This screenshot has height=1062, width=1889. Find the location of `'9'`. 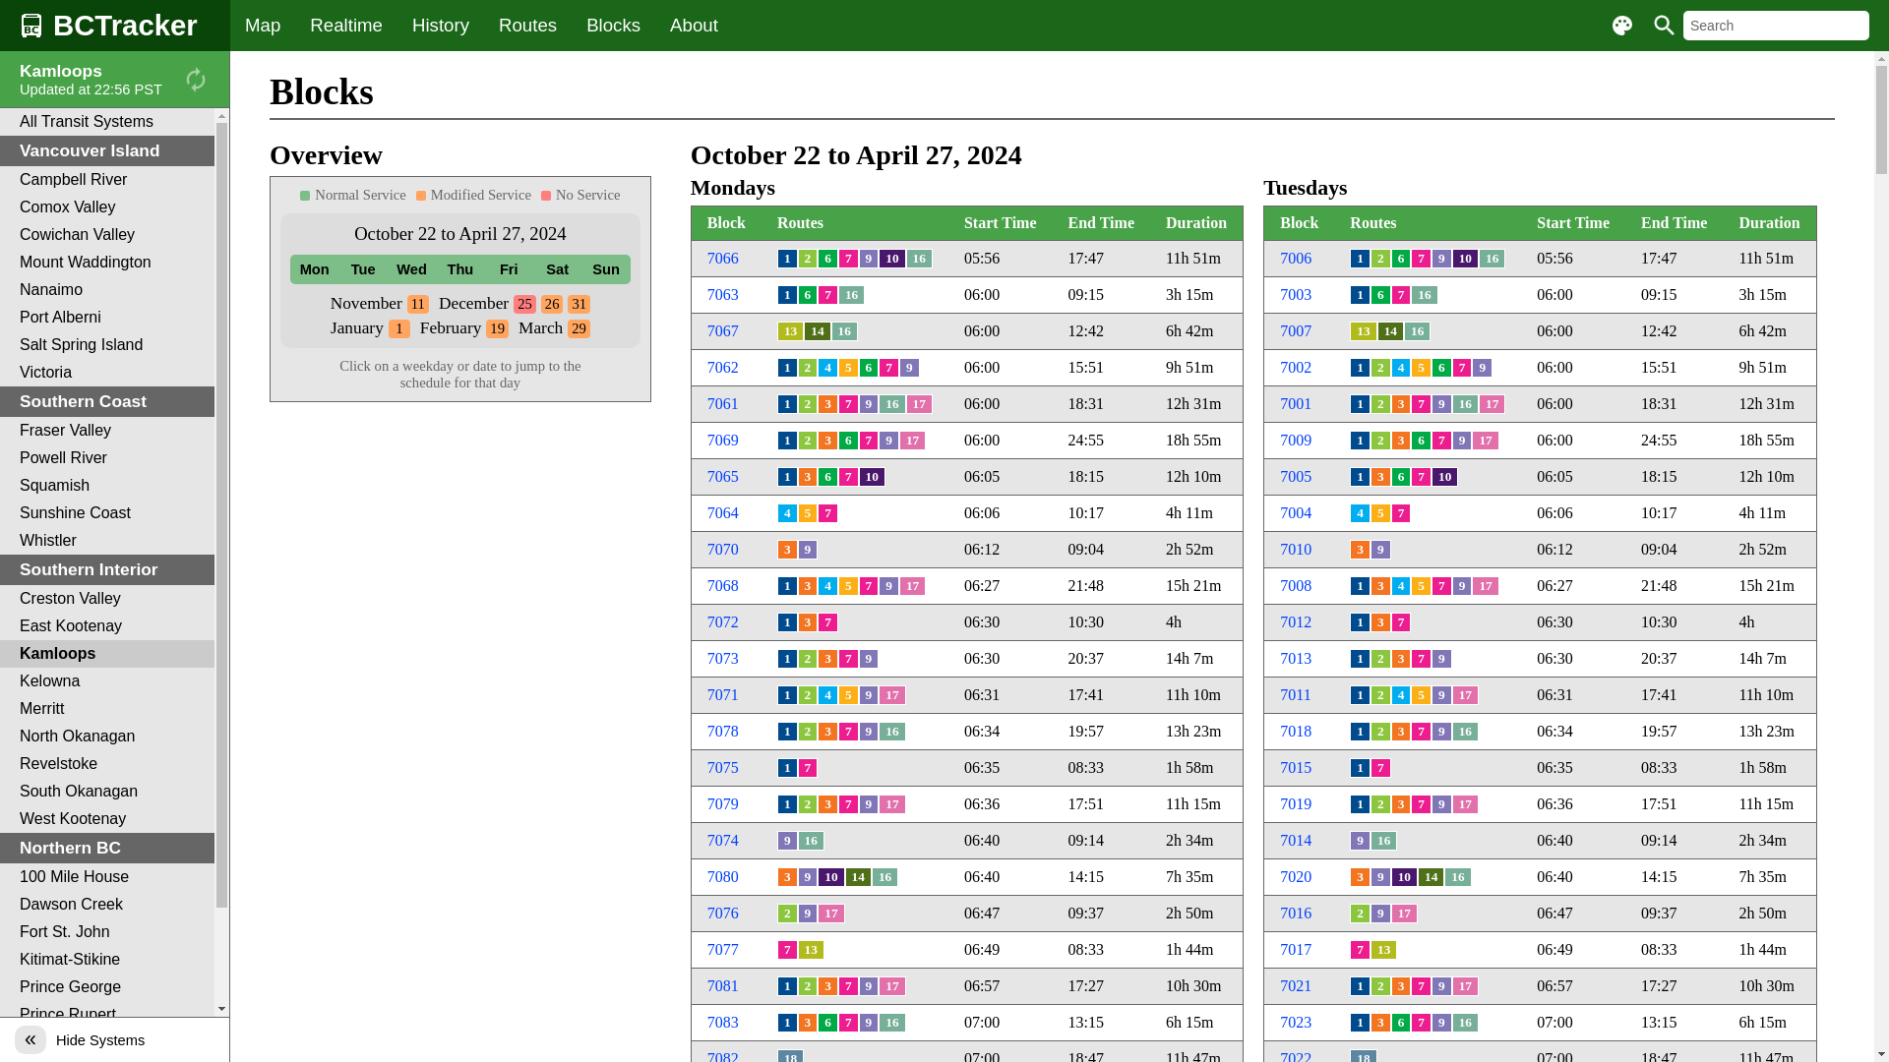

'9' is located at coordinates (1462, 585).